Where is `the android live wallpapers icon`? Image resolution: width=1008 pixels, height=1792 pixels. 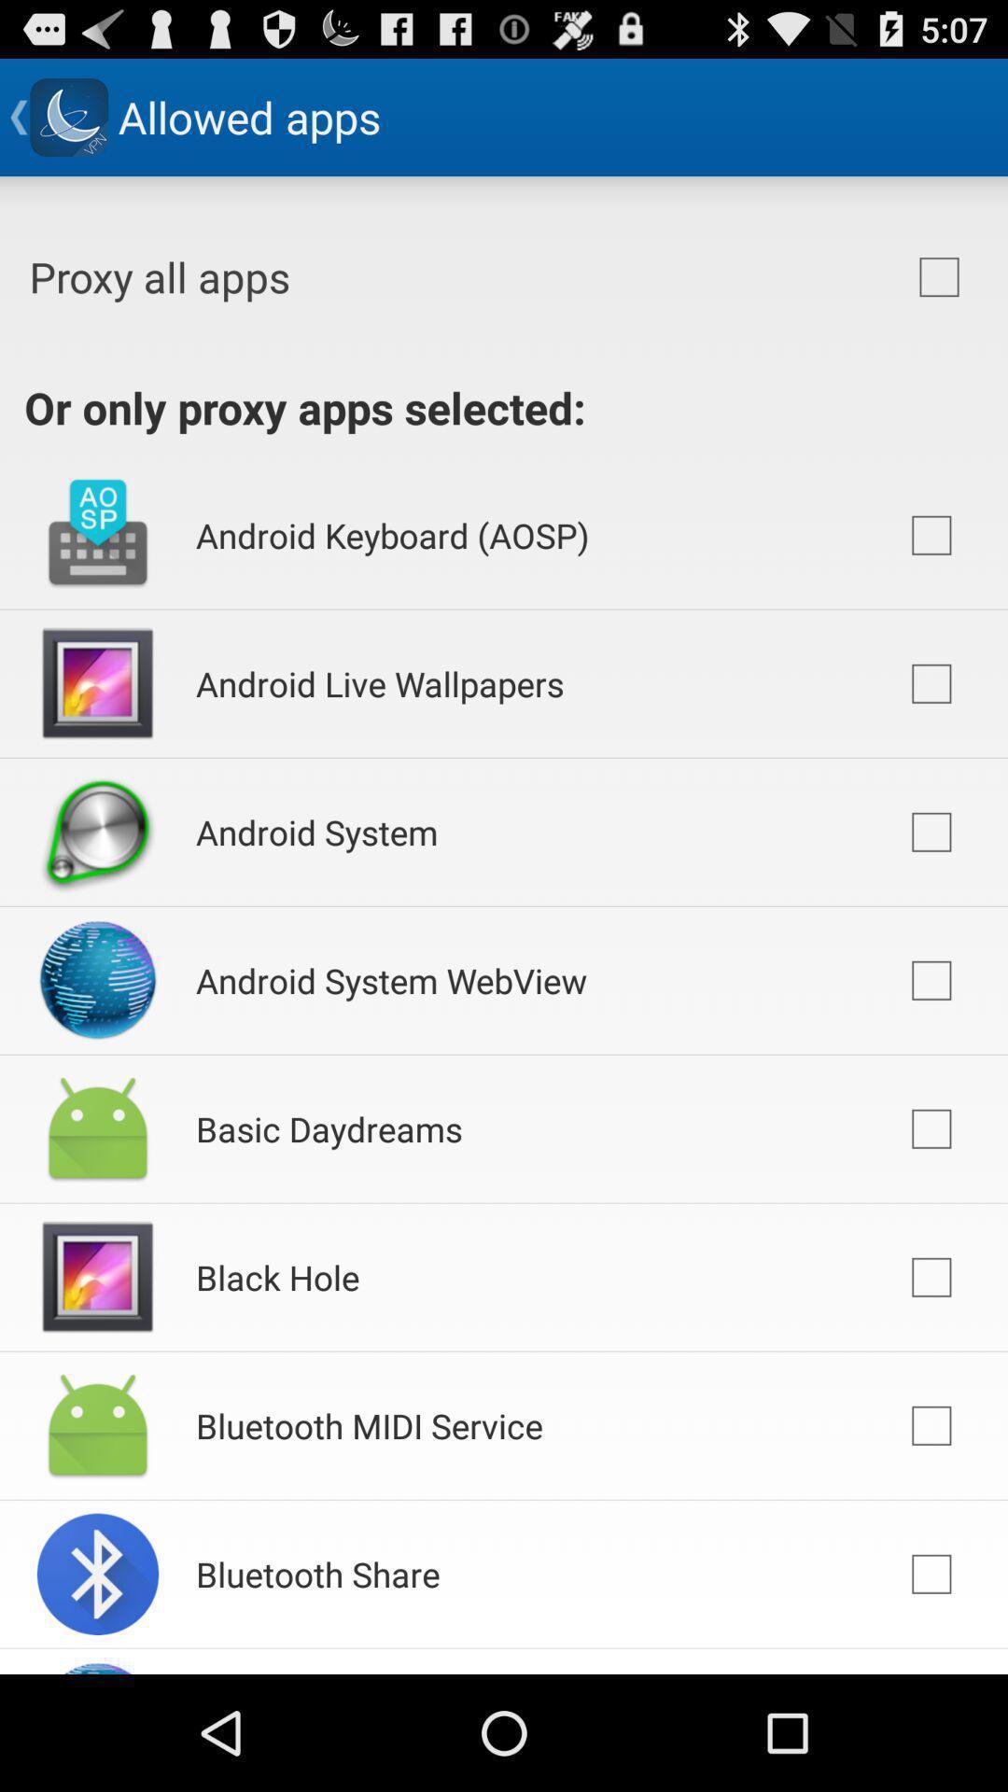
the android live wallpapers icon is located at coordinates (379, 682).